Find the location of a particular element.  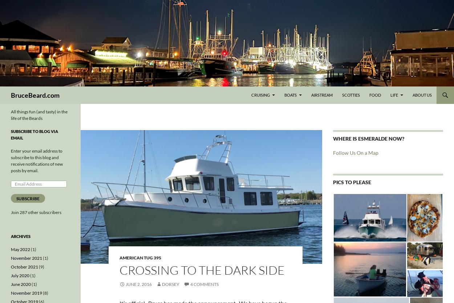

'November 2019' is located at coordinates (26, 292).